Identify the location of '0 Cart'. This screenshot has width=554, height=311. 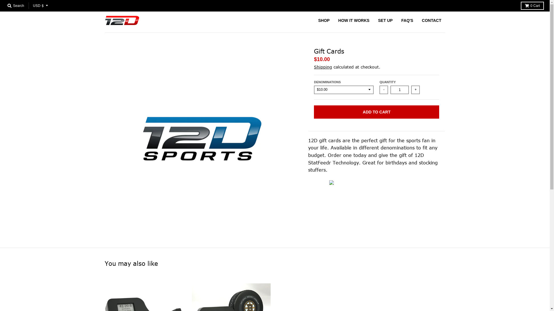
(532, 5).